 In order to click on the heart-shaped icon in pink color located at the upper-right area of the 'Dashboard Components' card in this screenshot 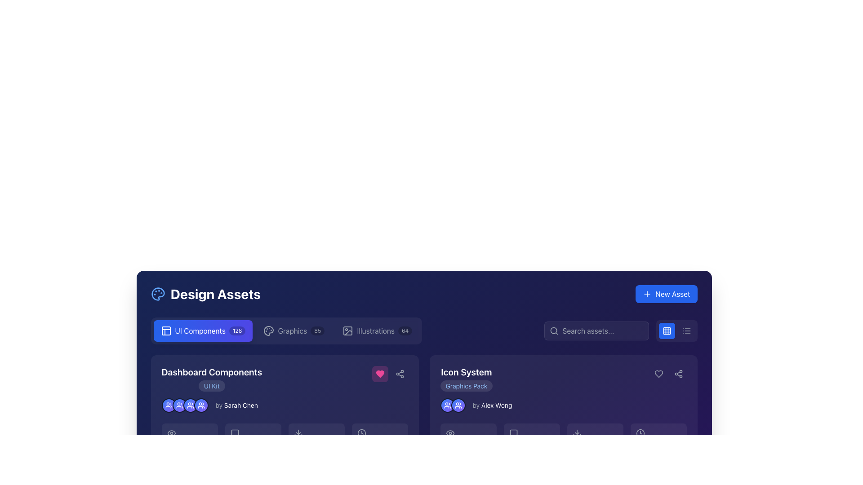, I will do `click(380, 374)`.